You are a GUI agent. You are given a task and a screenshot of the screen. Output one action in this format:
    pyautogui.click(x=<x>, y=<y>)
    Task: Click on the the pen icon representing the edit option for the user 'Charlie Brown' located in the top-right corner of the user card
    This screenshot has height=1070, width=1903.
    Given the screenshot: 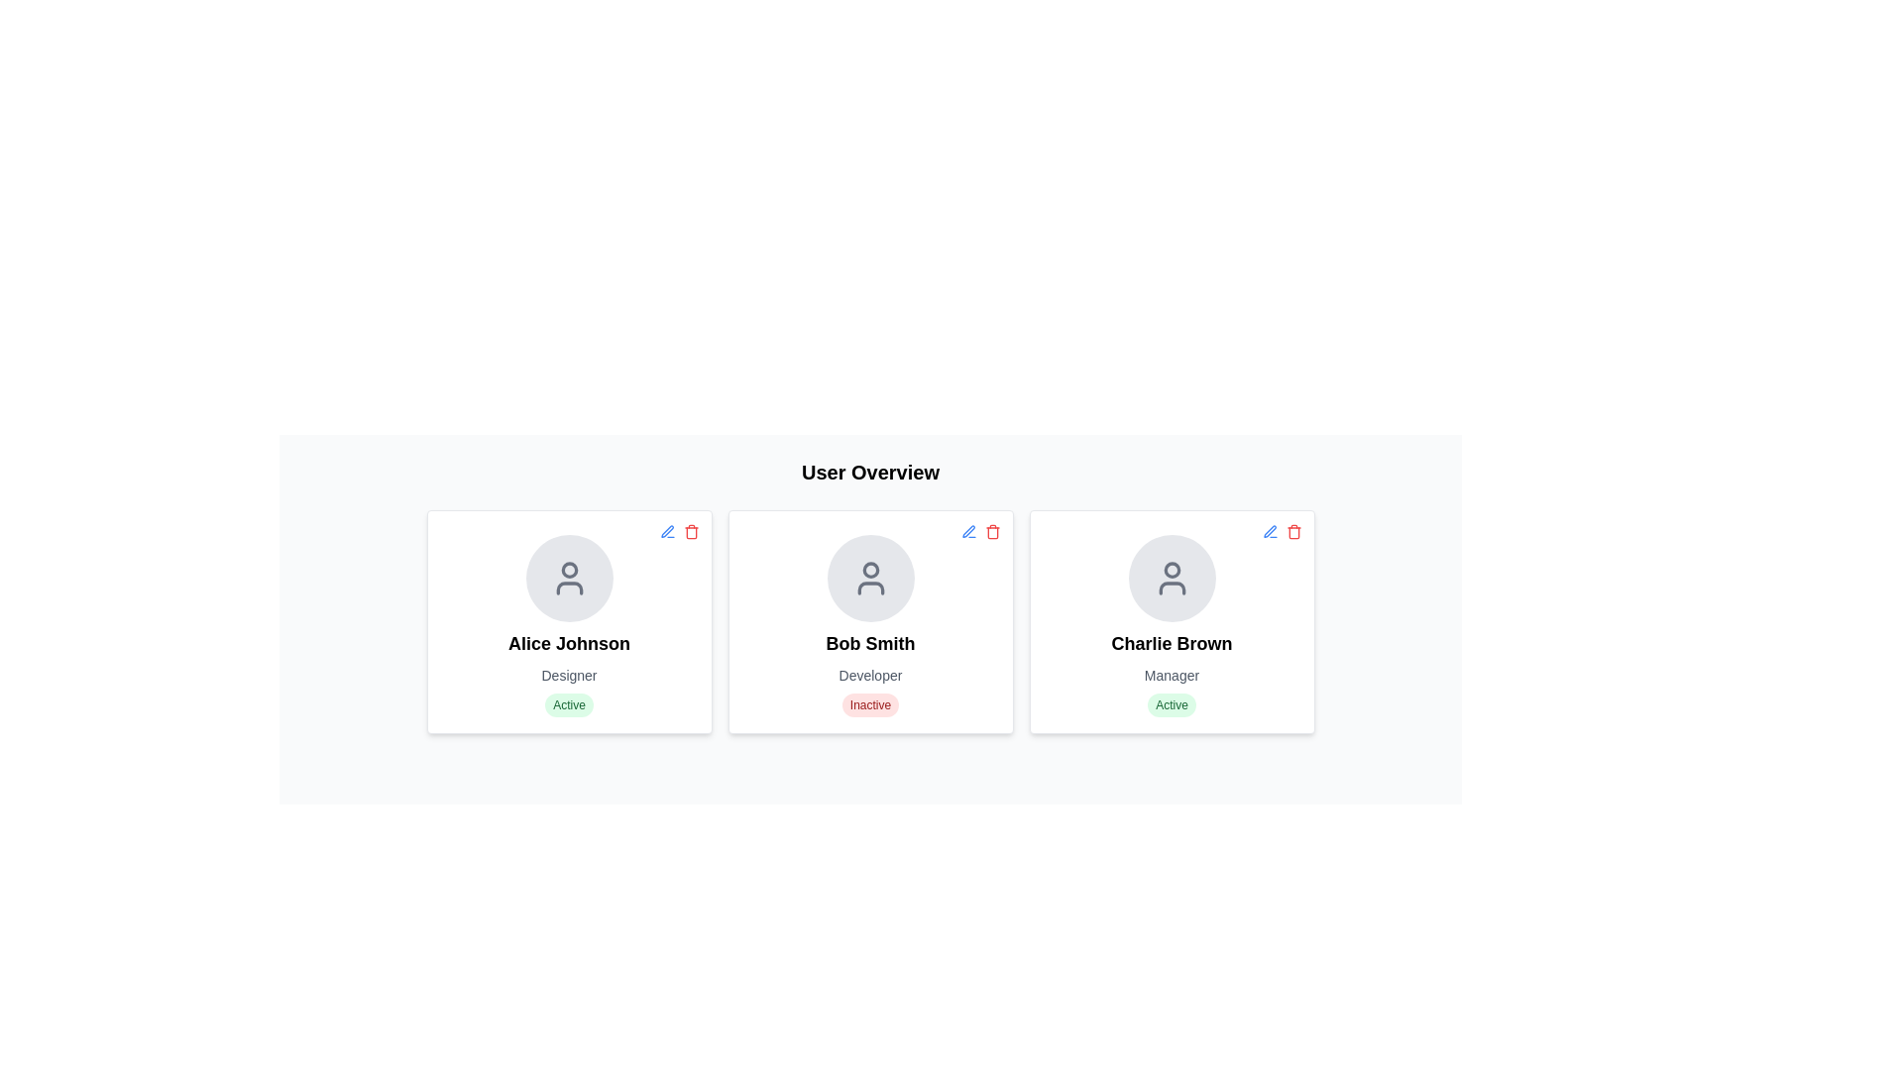 What is the action you would take?
    pyautogui.click(x=1270, y=530)
    